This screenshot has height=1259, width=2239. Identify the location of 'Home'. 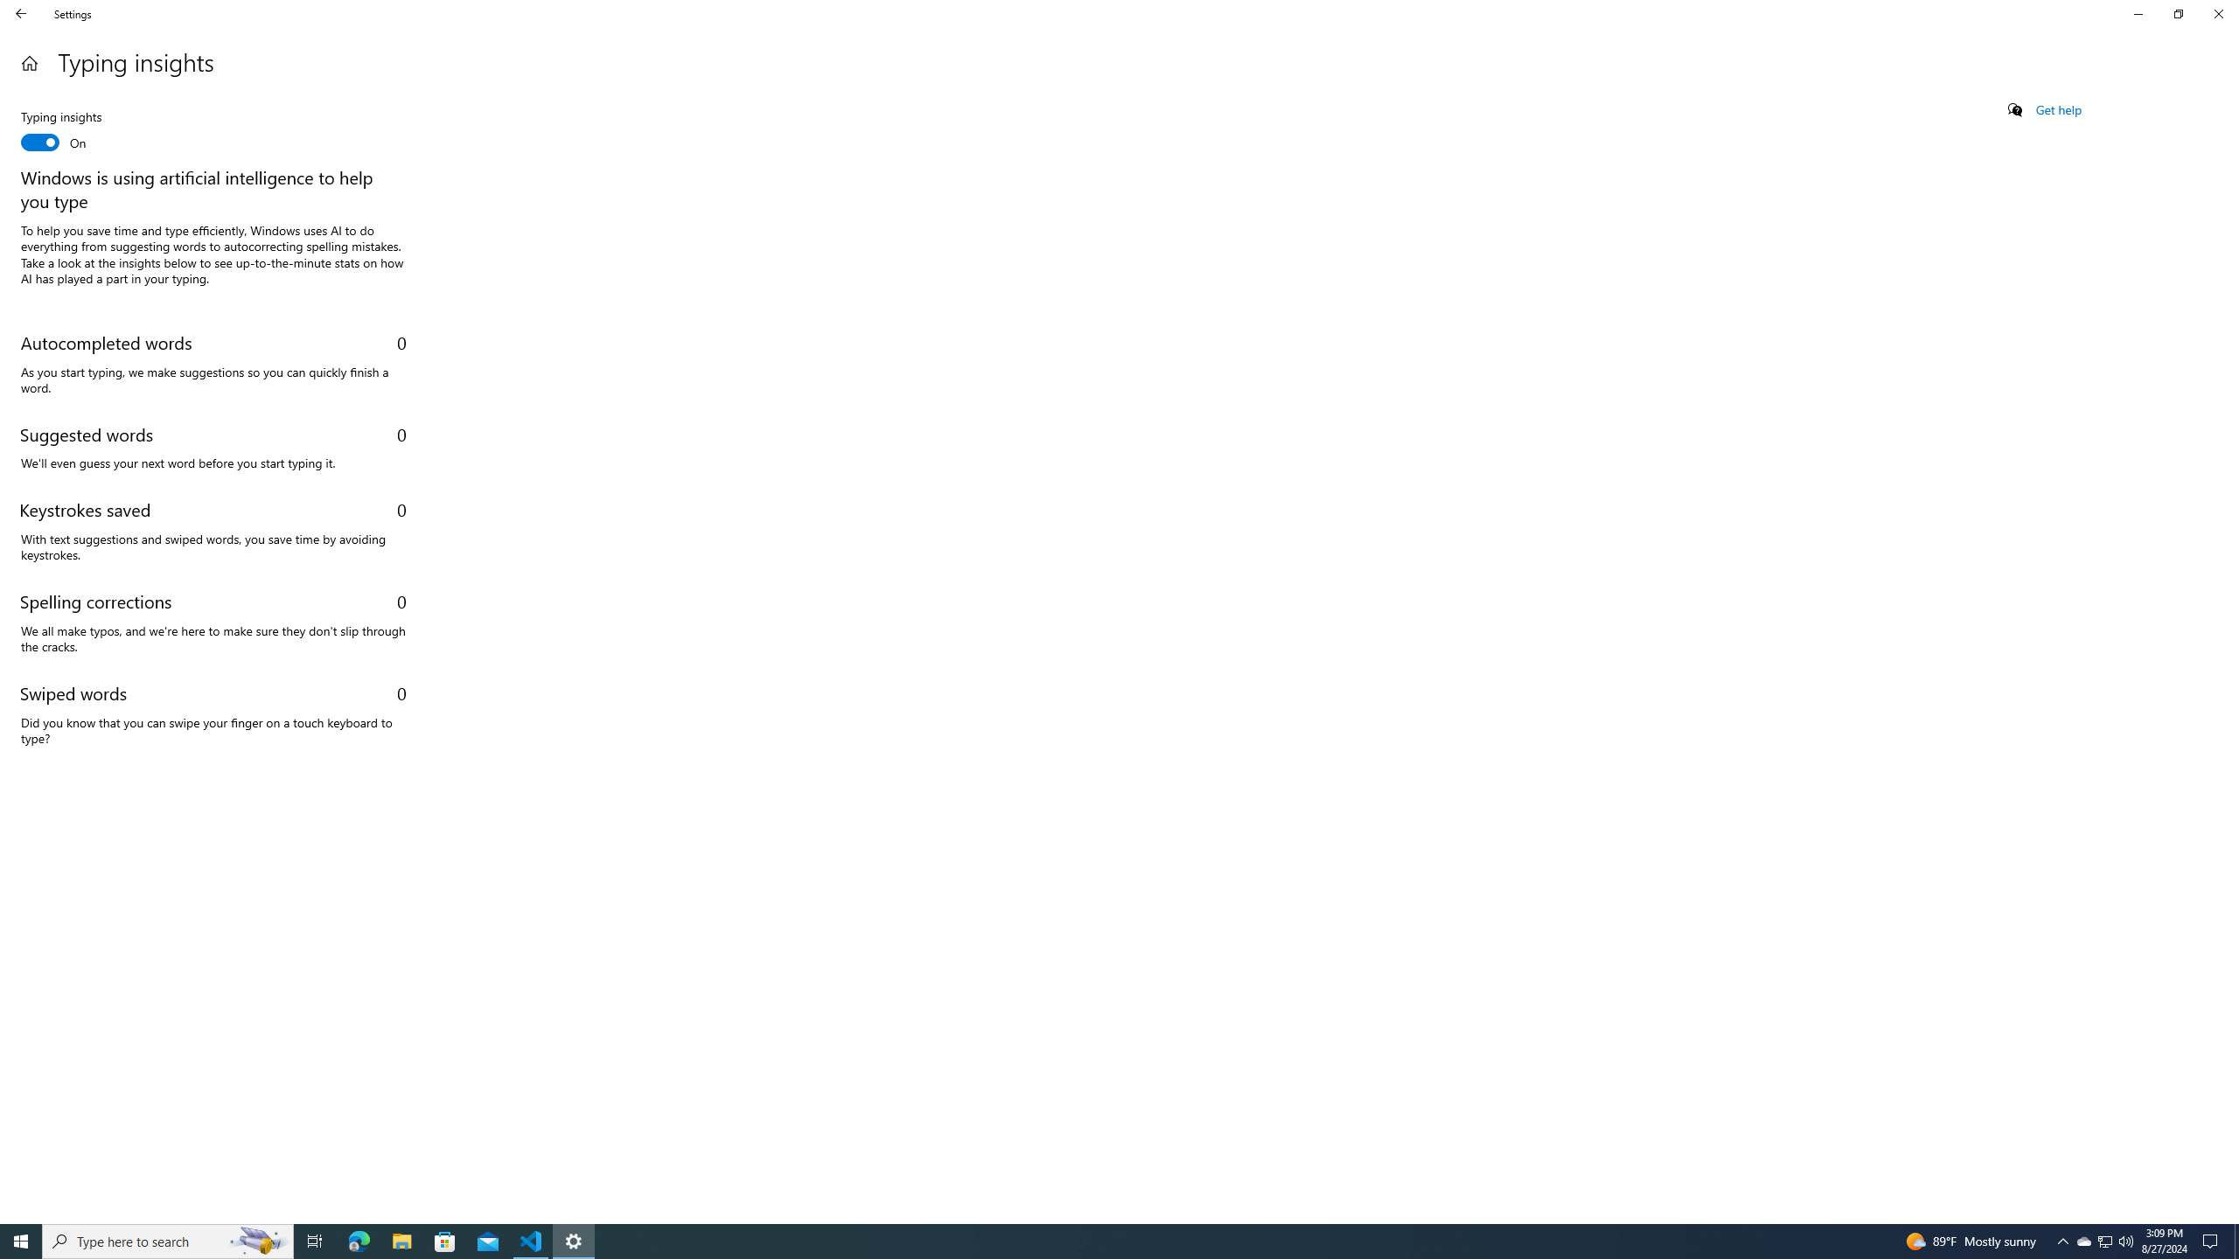
(29, 63).